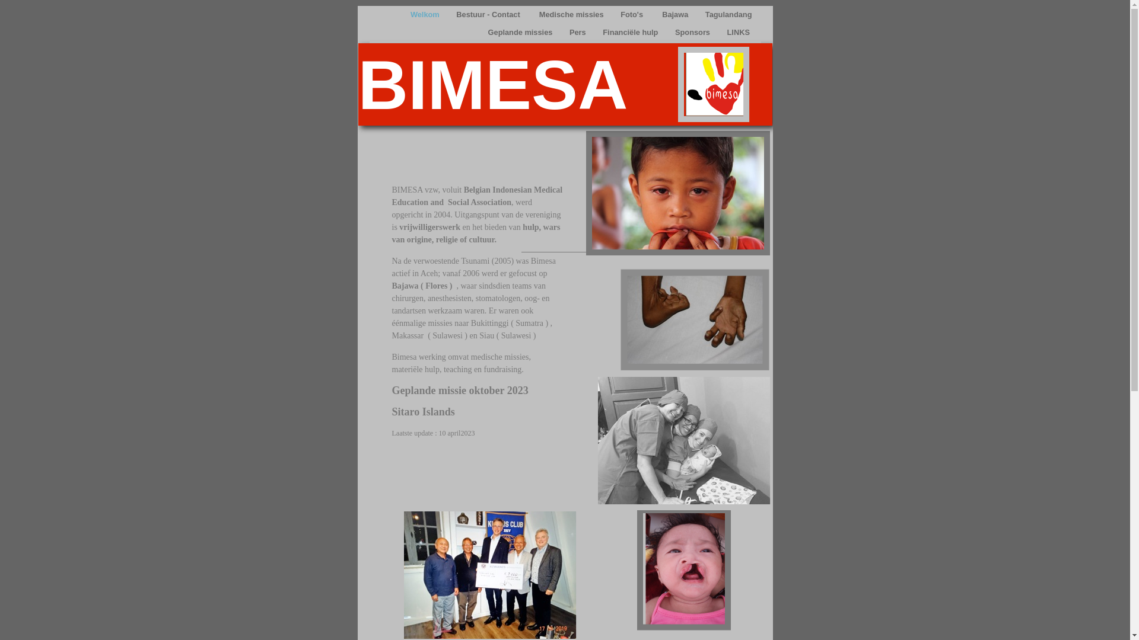 The height and width of the screenshot is (640, 1139). I want to click on 'Medische missies', so click(572, 14).